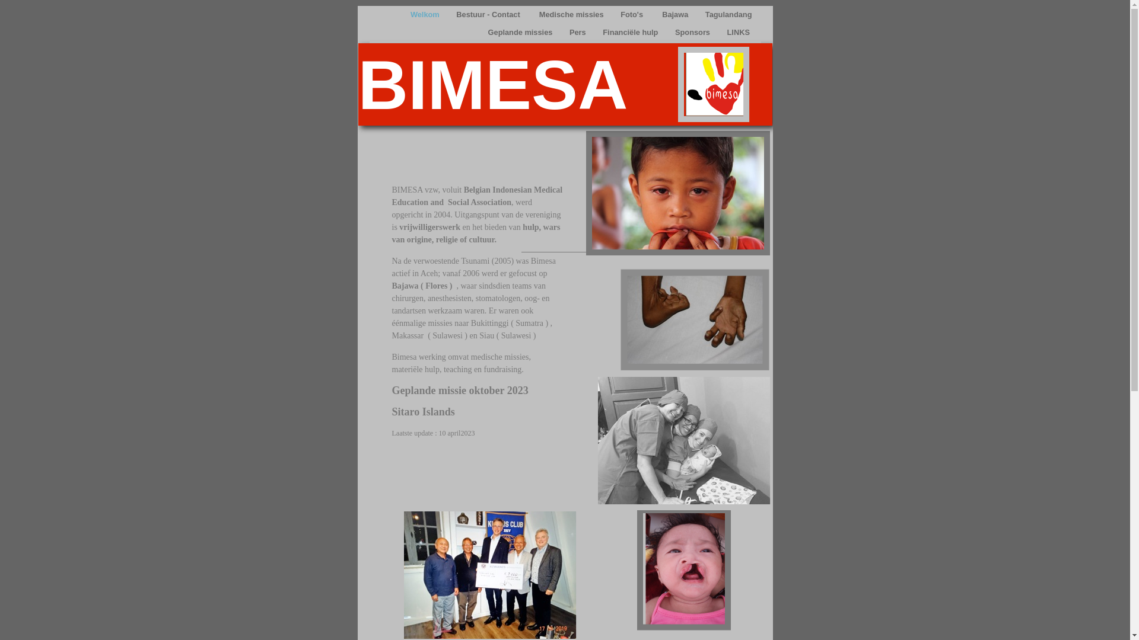 The height and width of the screenshot is (640, 1139). I want to click on 'Medische missies', so click(572, 14).